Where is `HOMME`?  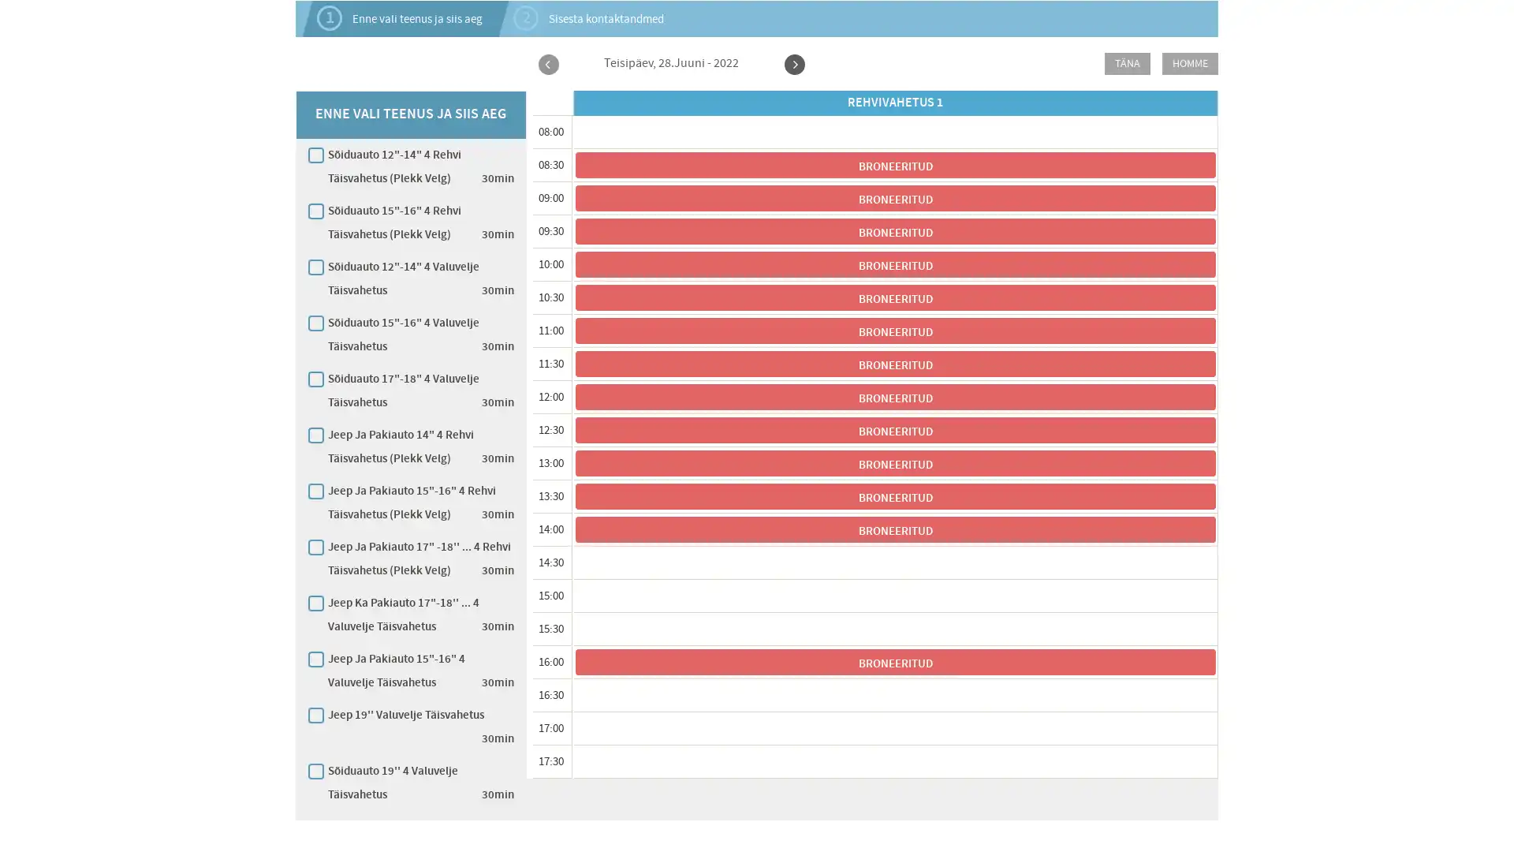
HOMME is located at coordinates (1190, 63).